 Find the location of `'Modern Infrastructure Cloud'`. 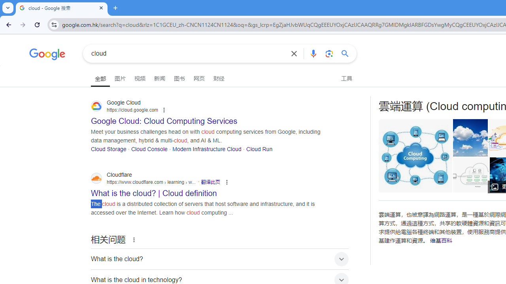

'Modern Infrastructure Cloud' is located at coordinates (207, 149).